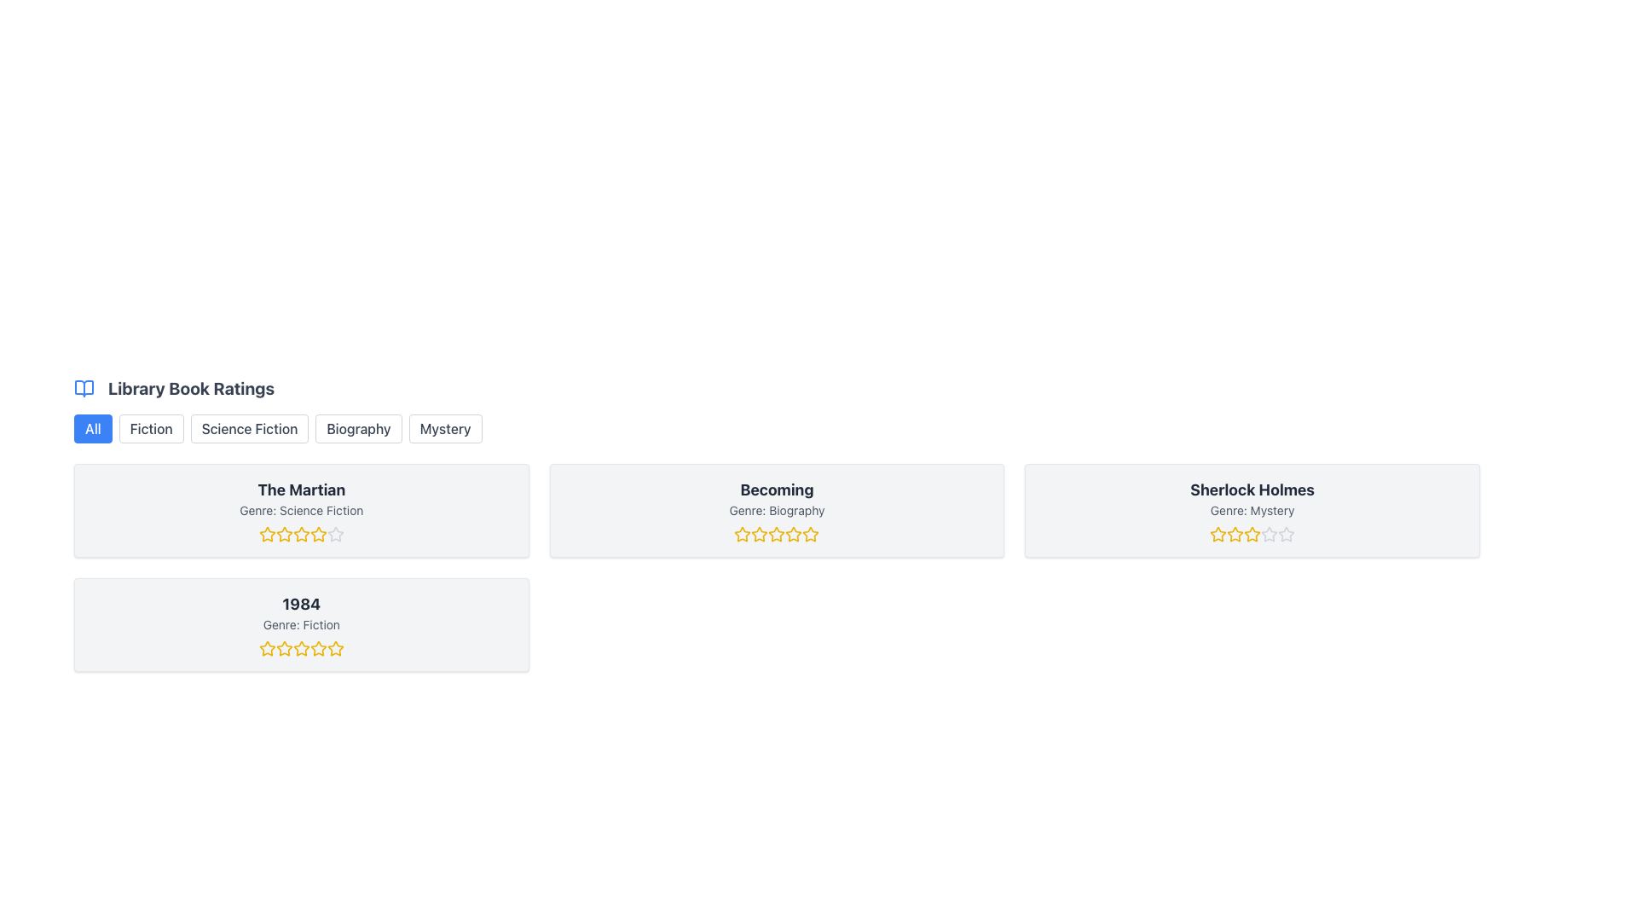 This screenshot has width=1637, height=921. What do you see at coordinates (301, 533) in the screenshot?
I see `the third yellow star icon with a hollow center in the rating system for the book 'The Martian'` at bounding box center [301, 533].